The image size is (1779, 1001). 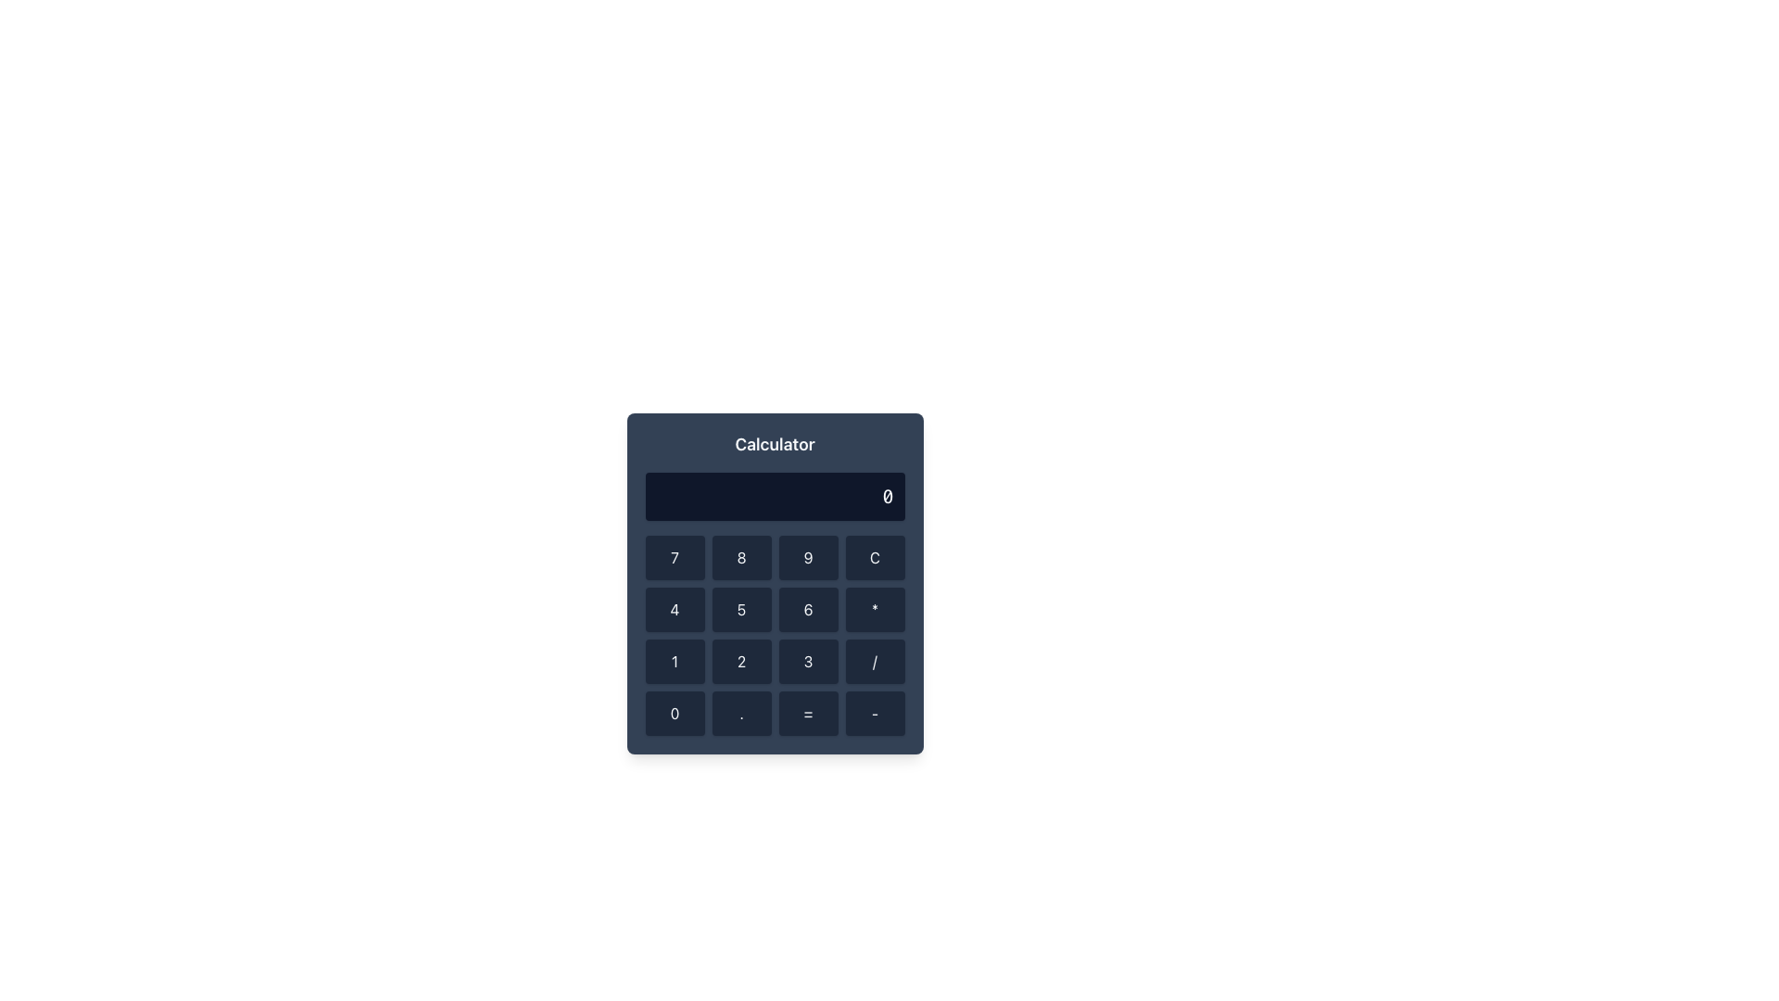 I want to click on the button displaying the number '9' with a dark slate-gray background and white text in a grid layout, so click(x=808, y=556).